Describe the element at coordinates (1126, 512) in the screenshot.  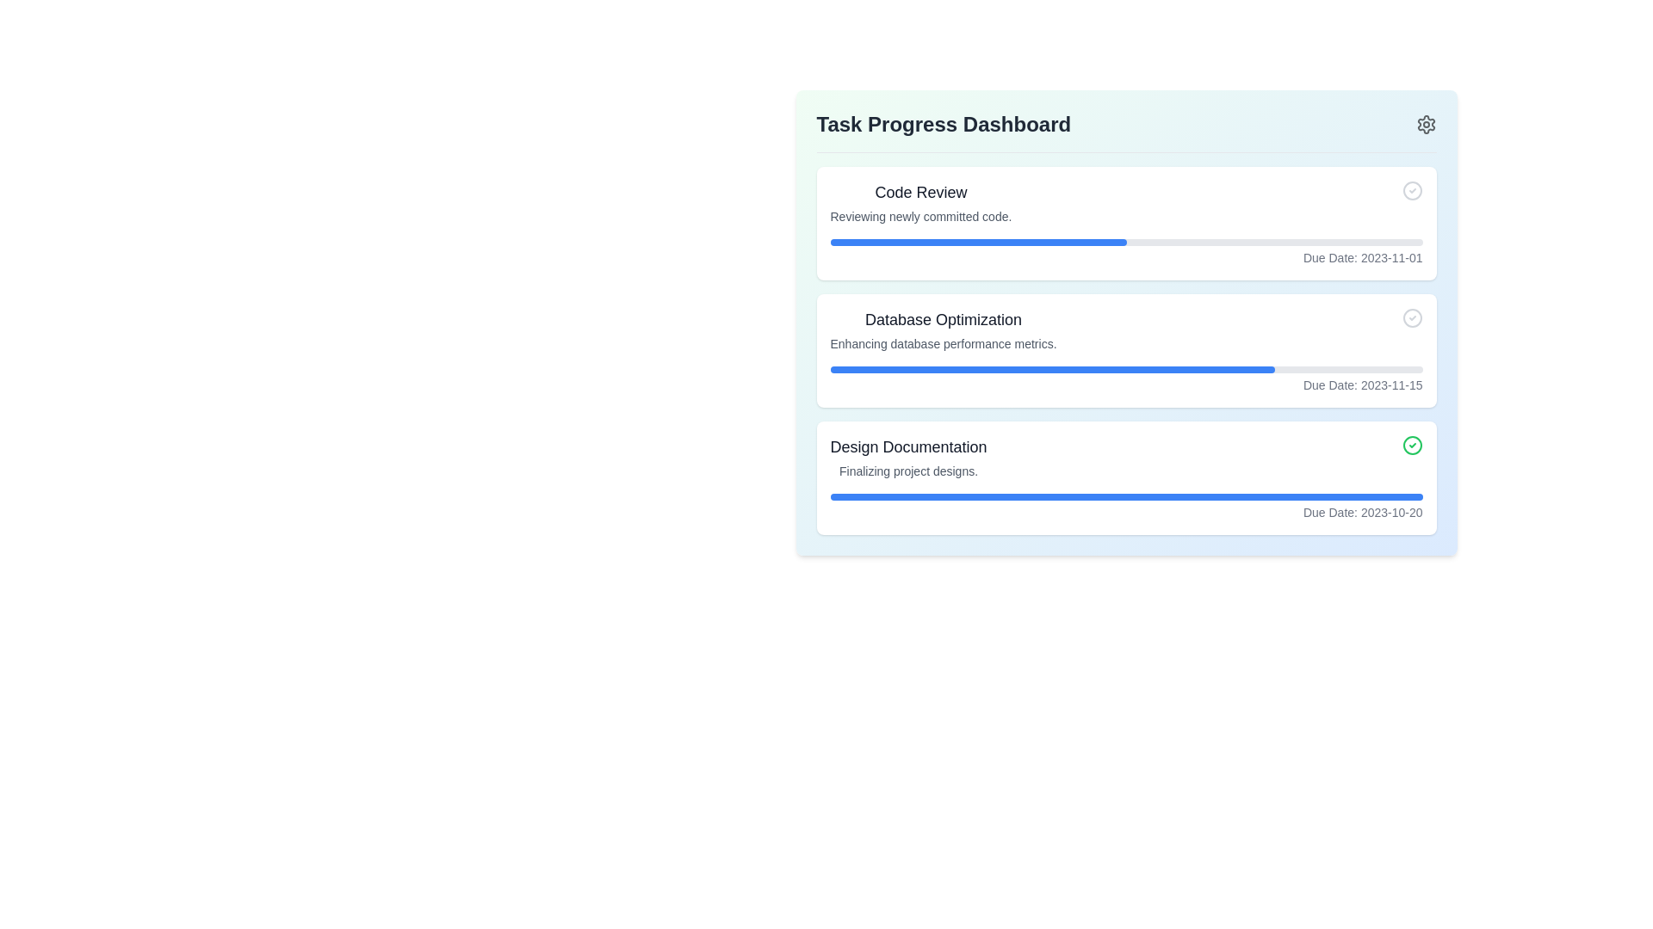
I see `the text label displaying 'Due Date: 2023-10-20' located at the bottom-right of the 'Design Documentation' section in the task progress dashboard` at that location.